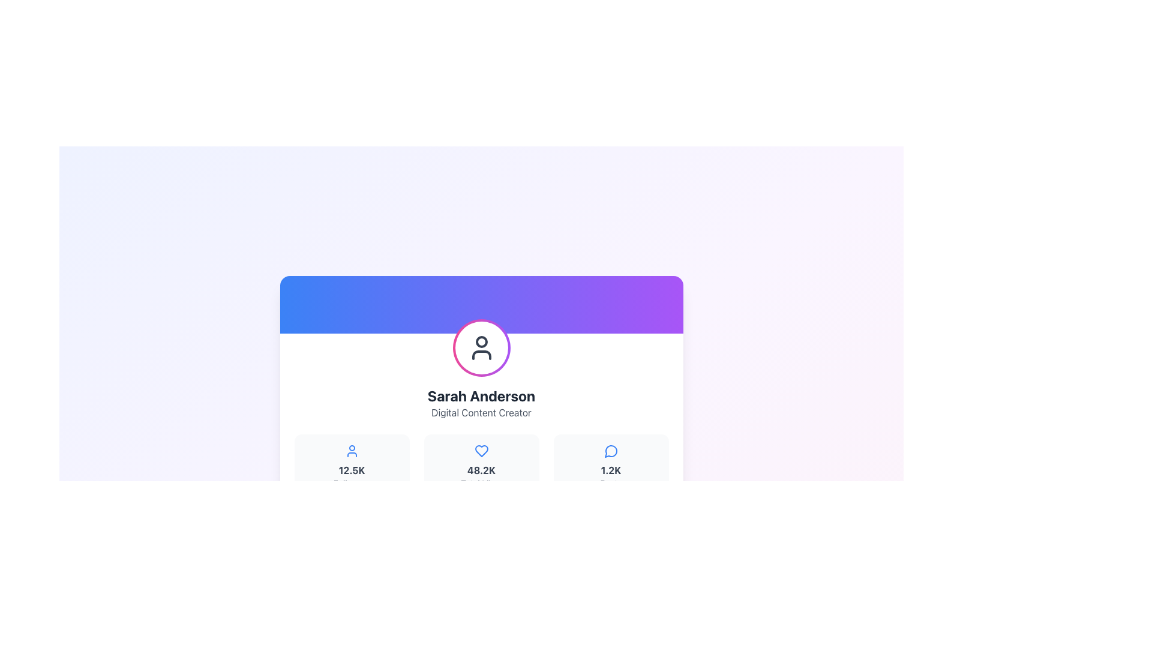 This screenshot has height=648, width=1152. What do you see at coordinates (481, 412) in the screenshot?
I see `text content of the Text label indicating the role or profession of the profile being viewed, which is located directly below 'Sarah Anderson'` at bounding box center [481, 412].